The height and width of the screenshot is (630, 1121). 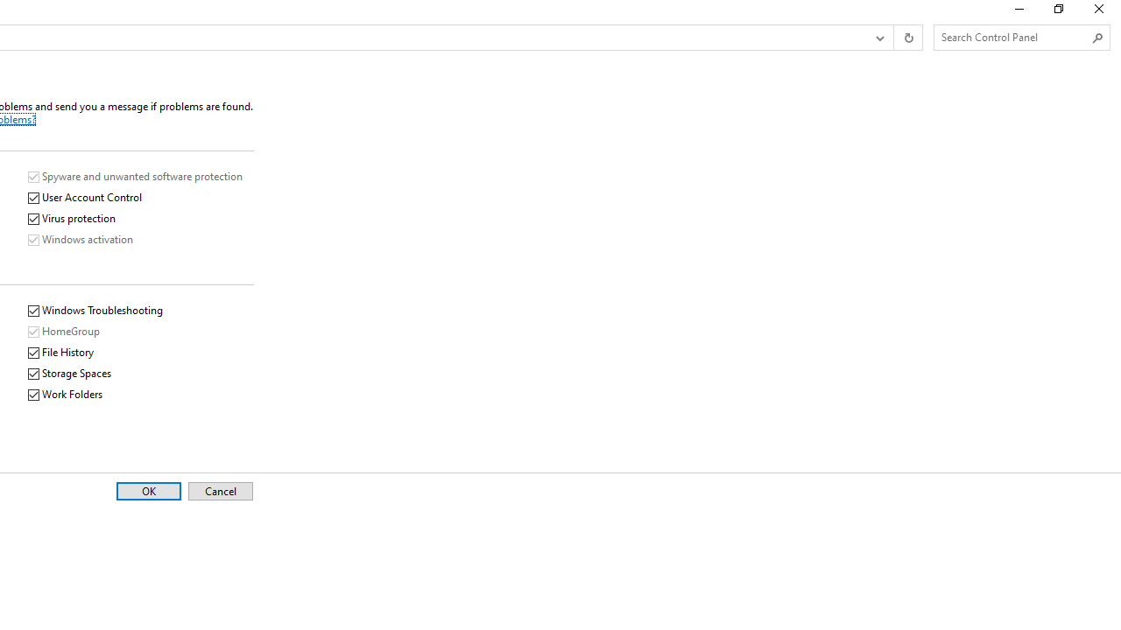 What do you see at coordinates (1013, 37) in the screenshot?
I see `'Search Box'` at bounding box center [1013, 37].